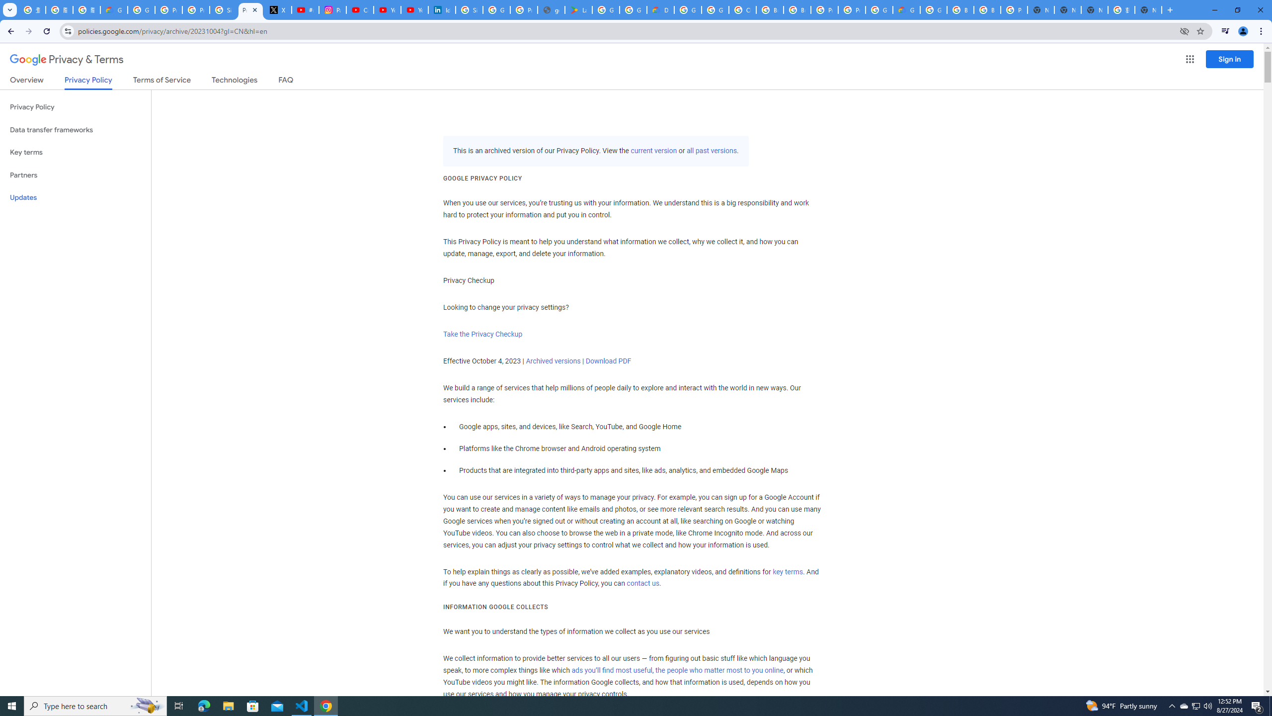 This screenshot has height=716, width=1272. Describe the element at coordinates (642, 583) in the screenshot. I see `'contact us'` at that location.